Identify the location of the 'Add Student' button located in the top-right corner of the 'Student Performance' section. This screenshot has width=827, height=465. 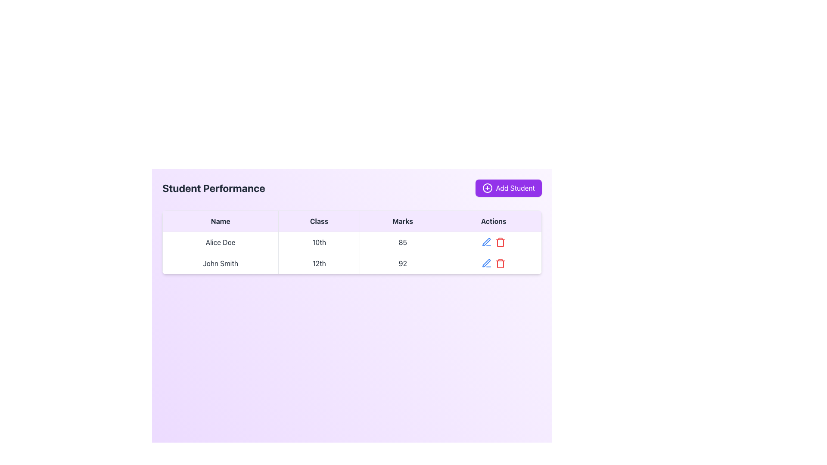
(508, 187).